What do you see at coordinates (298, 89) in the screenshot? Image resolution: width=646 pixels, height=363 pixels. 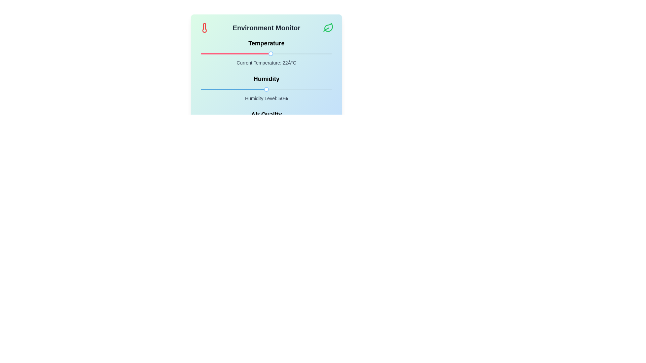 I see `slider value` at bounding box center [298, 89].